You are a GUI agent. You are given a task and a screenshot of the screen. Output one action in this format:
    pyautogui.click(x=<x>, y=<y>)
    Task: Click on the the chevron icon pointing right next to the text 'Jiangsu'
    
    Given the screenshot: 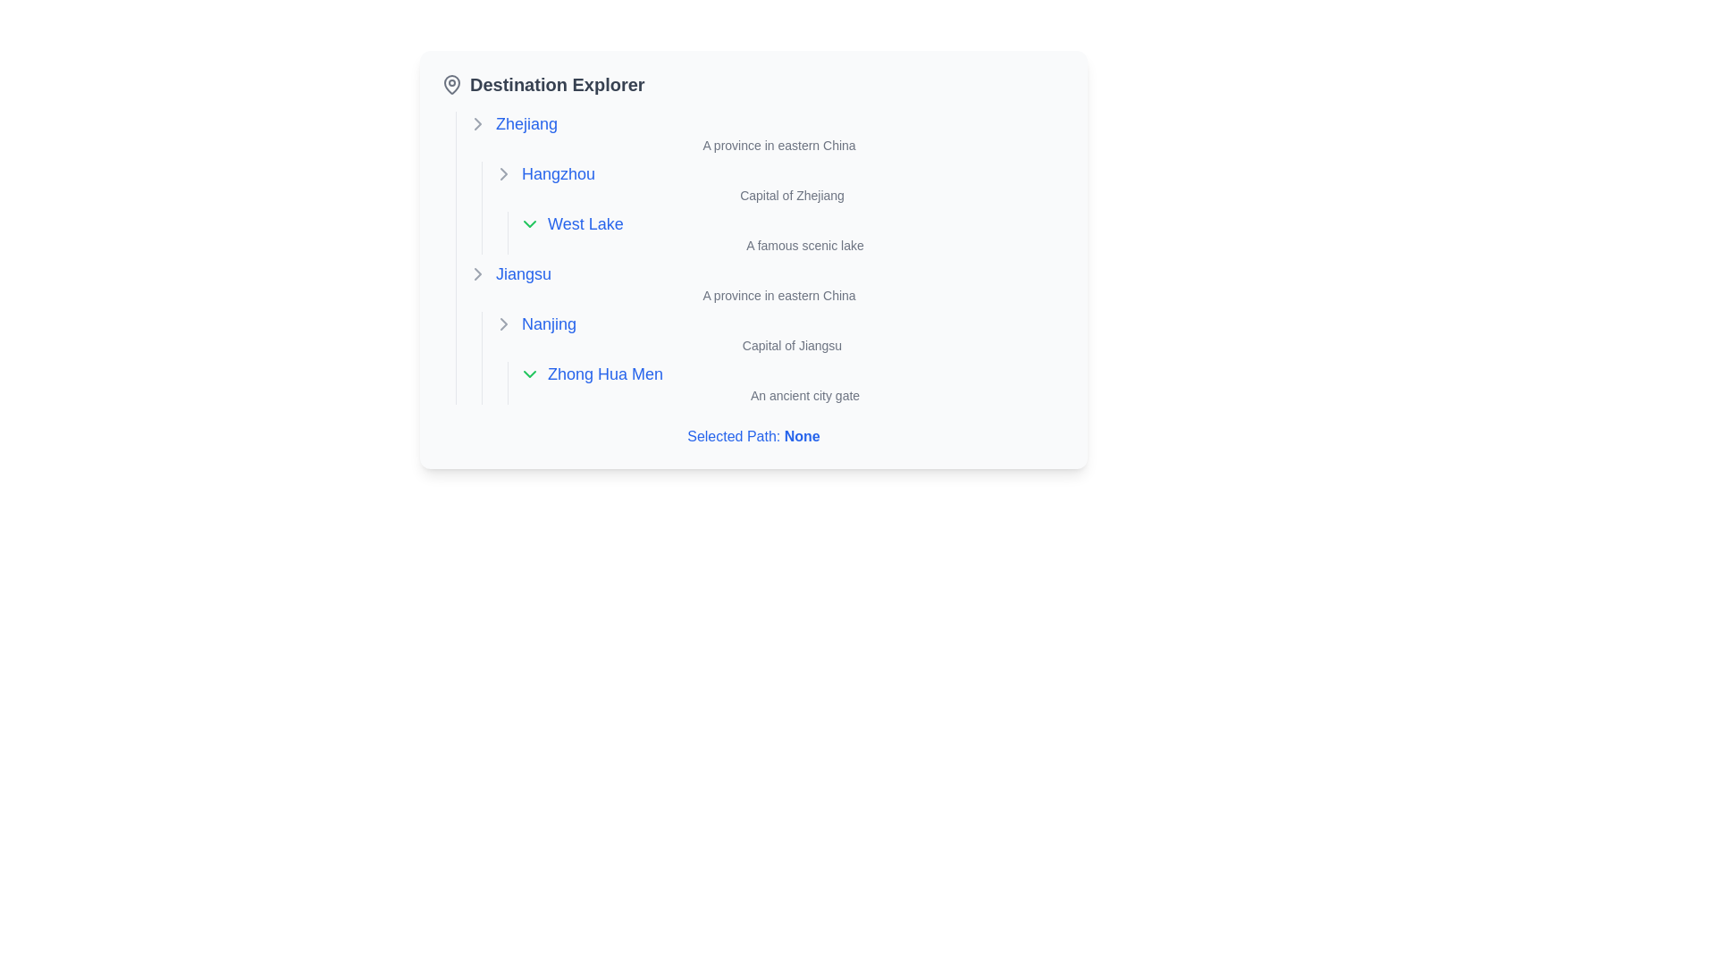 What is the action you would take?
    pyautogui.click(x=477, y=274)
    